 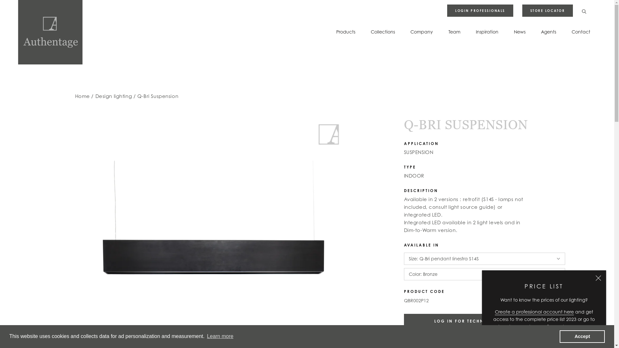 What do you see at coordinates (547, 11) in the screenshot?
I see `'STORE LOCATOR'` at bounding box center [547, 11].